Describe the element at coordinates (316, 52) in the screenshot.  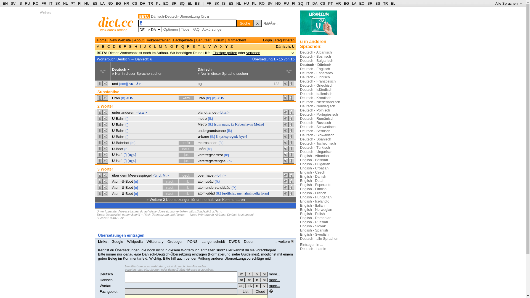
I see `'Deutsch - Albanisch'` at that location.